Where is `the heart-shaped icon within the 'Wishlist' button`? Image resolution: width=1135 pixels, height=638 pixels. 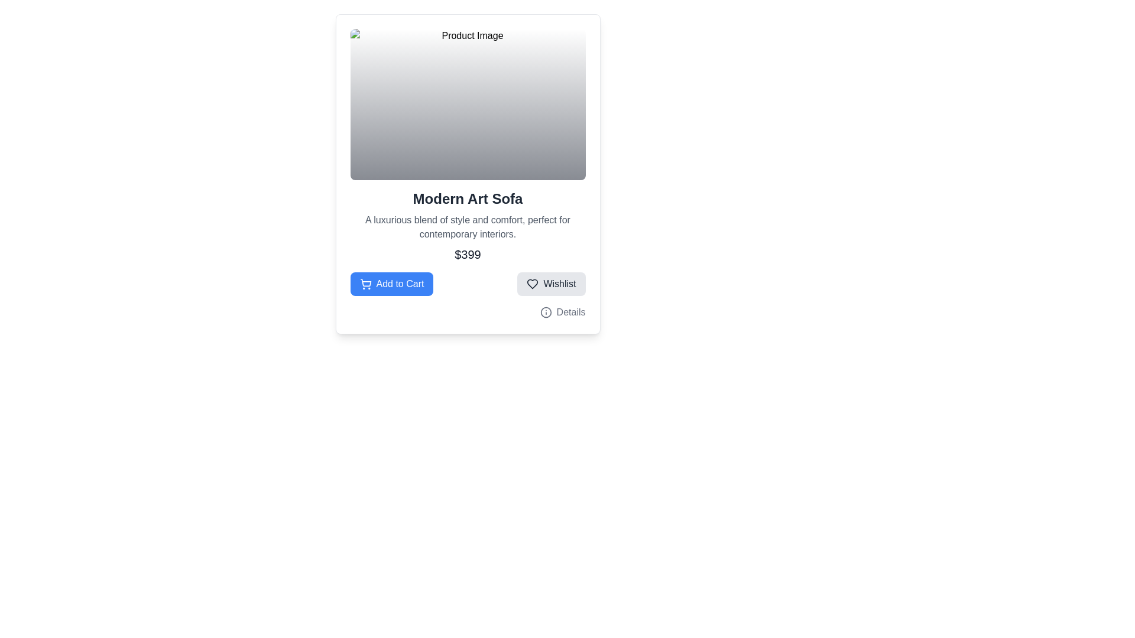
the heart-shaped icon within the 'Wishlist' button is located at coordinates (532, 284).